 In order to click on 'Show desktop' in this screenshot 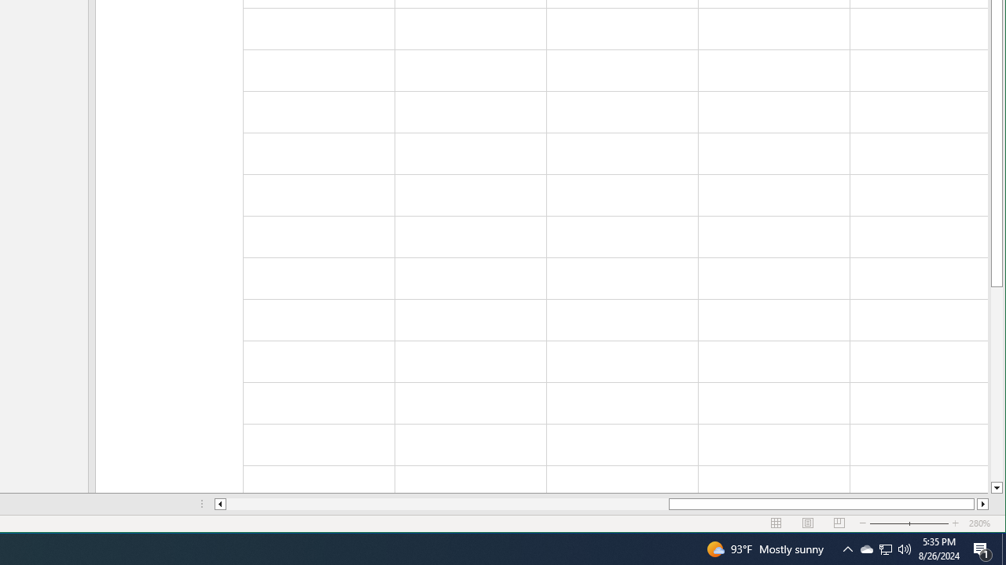, I will do `click(1003, 548)`.